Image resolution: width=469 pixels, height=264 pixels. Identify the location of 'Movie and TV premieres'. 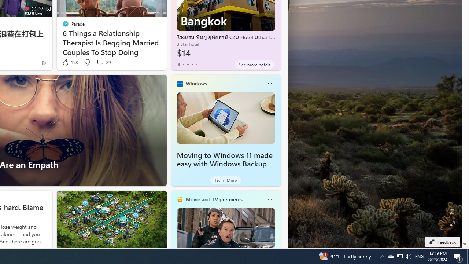
(213, 199).